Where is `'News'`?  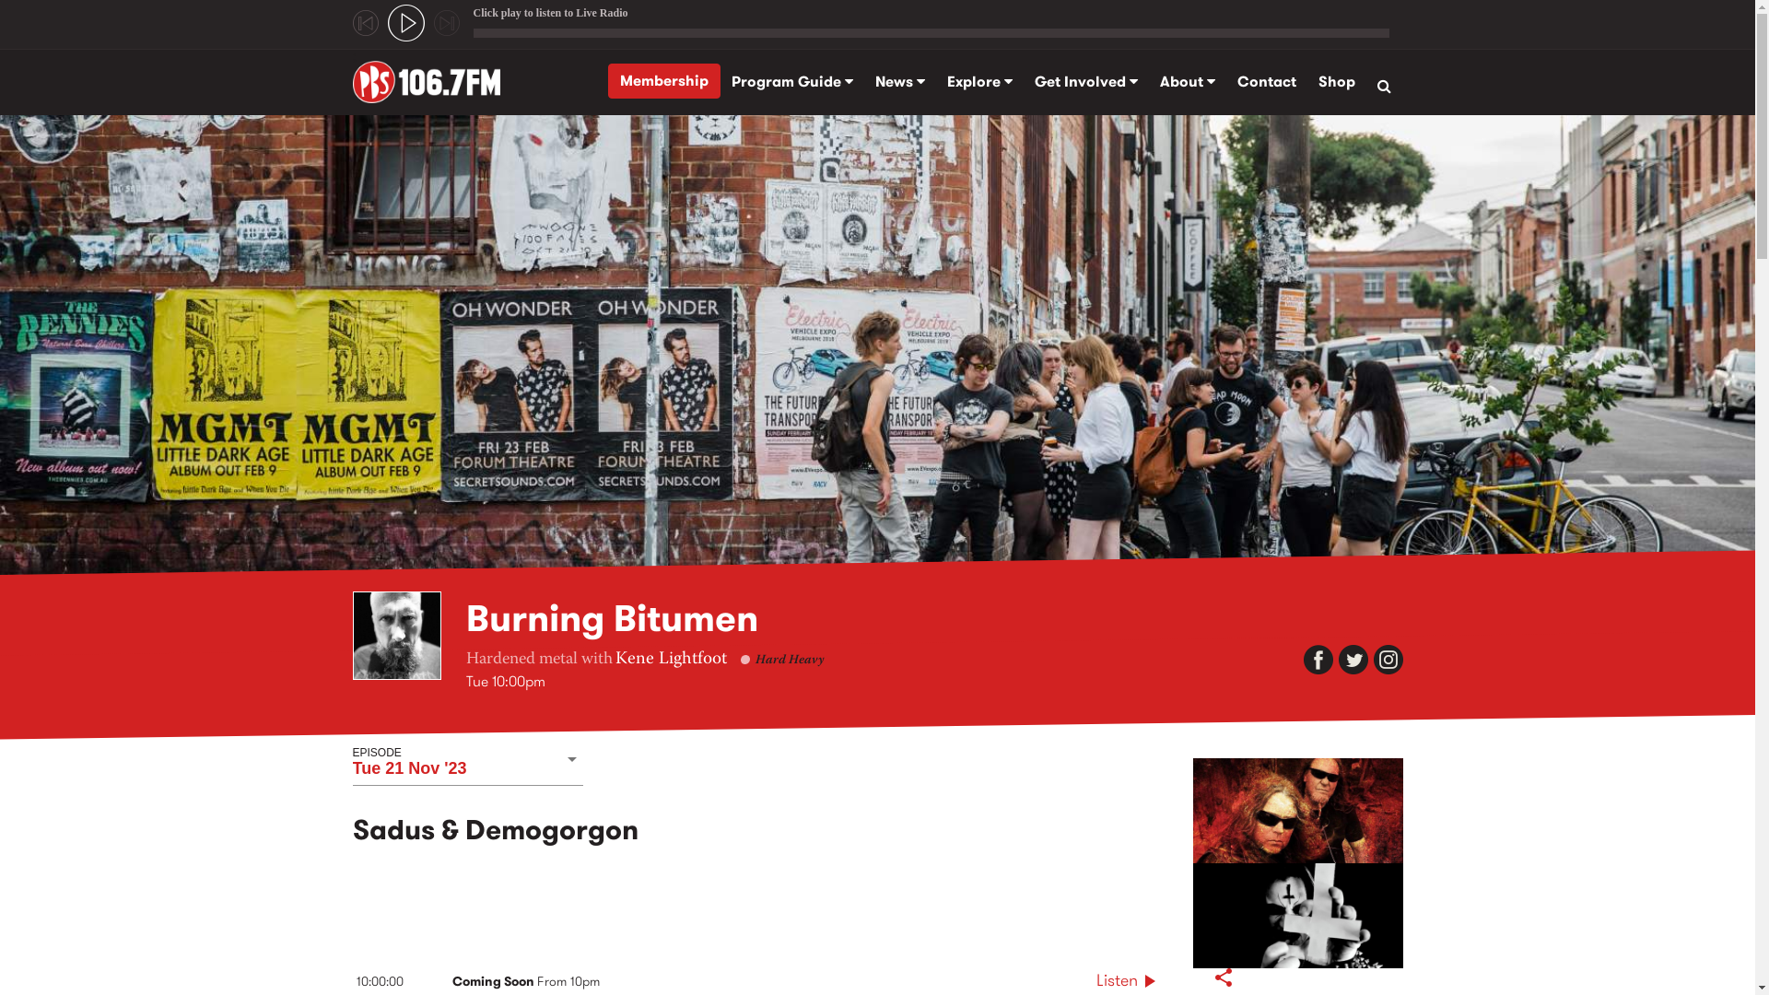
'News' is located at coordinates (900, 80).